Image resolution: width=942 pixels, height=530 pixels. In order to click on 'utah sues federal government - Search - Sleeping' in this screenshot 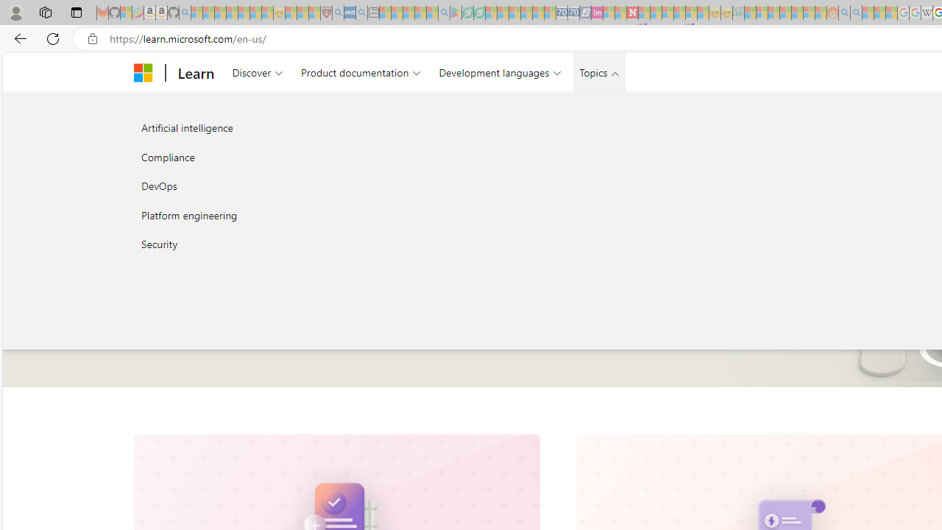, I will do `click(361, 13)`.